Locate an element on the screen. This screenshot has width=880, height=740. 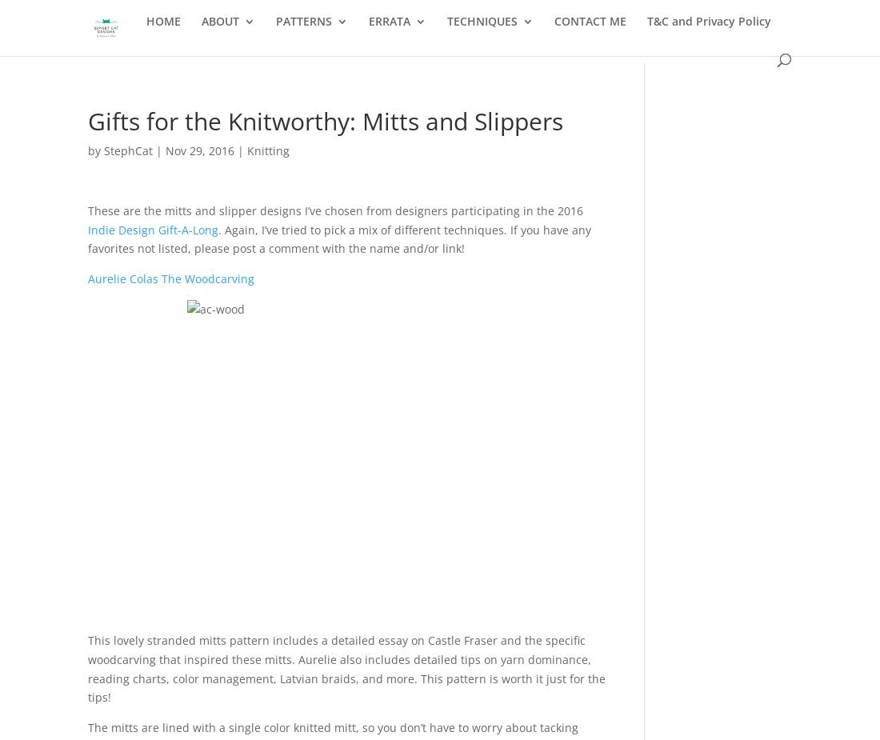
'Hitch' is located at coordinates (322, 238).